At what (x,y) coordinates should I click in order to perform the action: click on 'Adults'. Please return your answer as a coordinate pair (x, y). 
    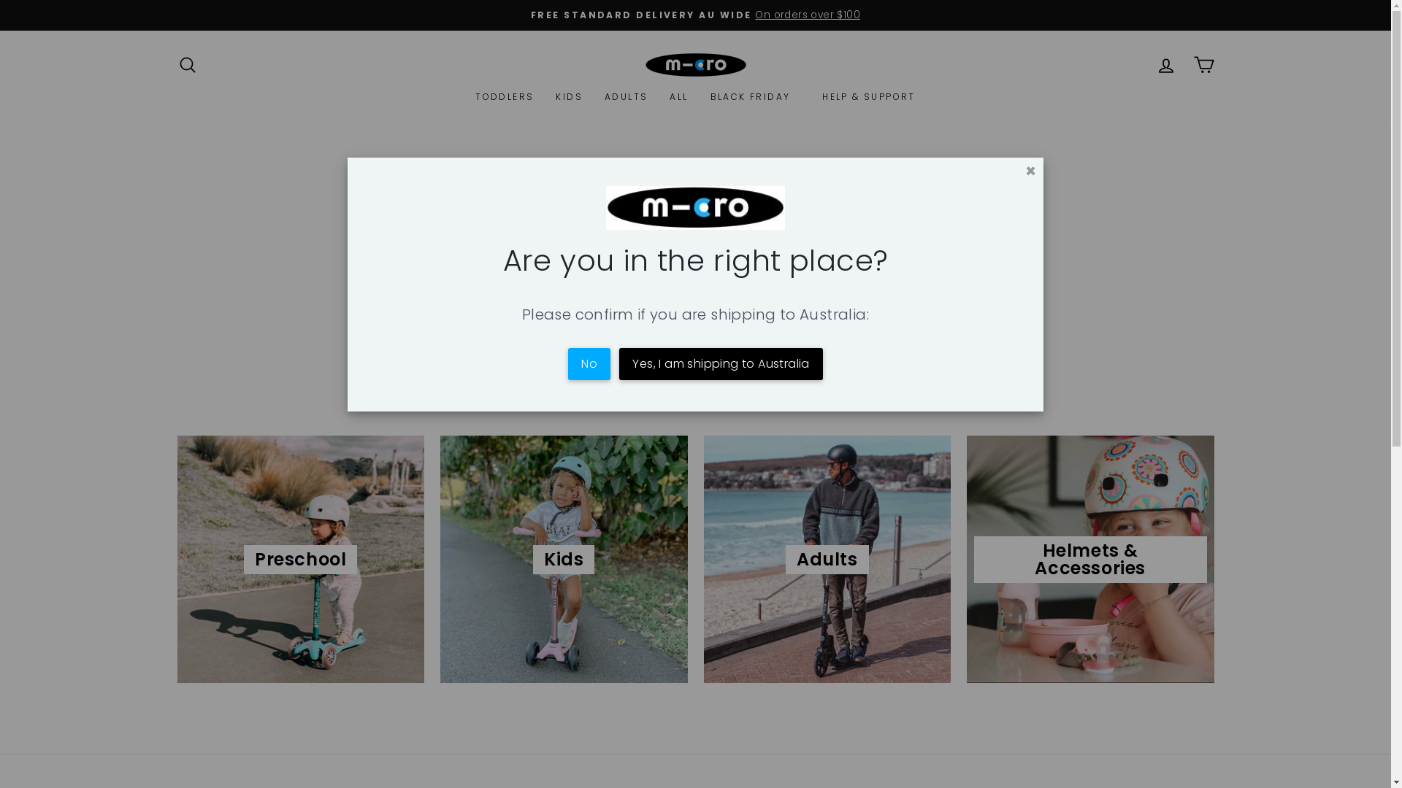
    Looking at the image, I should click on (827, 558).